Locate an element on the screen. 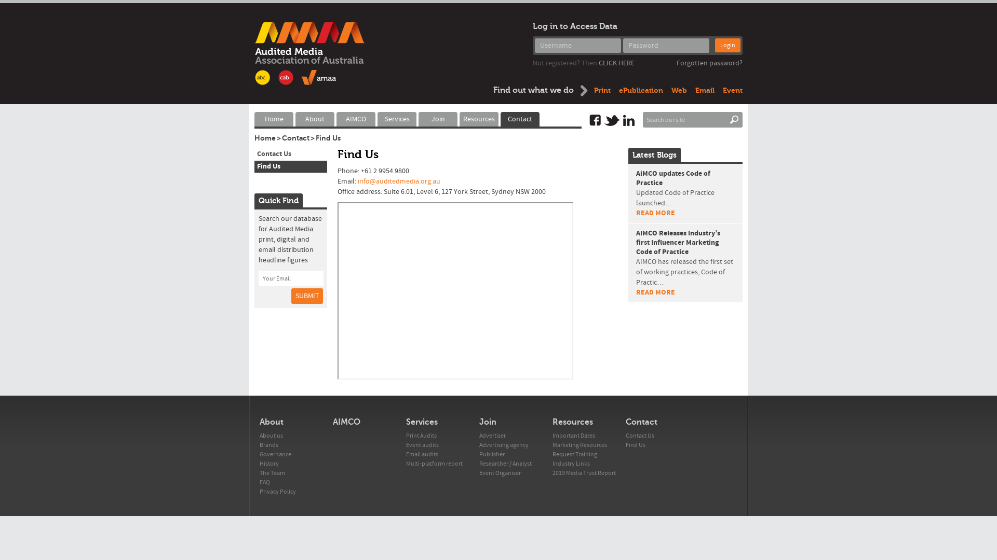 The image size is (997, 560). 'Home' is located at coordinates (274, 119).